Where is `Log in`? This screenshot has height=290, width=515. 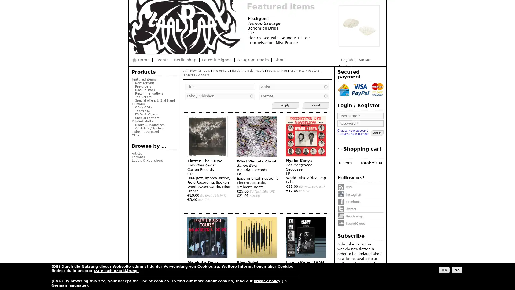
Log in is located at coordinates (377, 133).